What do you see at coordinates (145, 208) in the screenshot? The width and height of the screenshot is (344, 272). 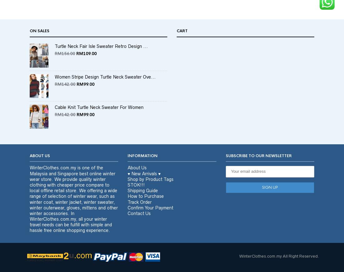 I see `'How to Purchase'` at bounding box center [145, 208].